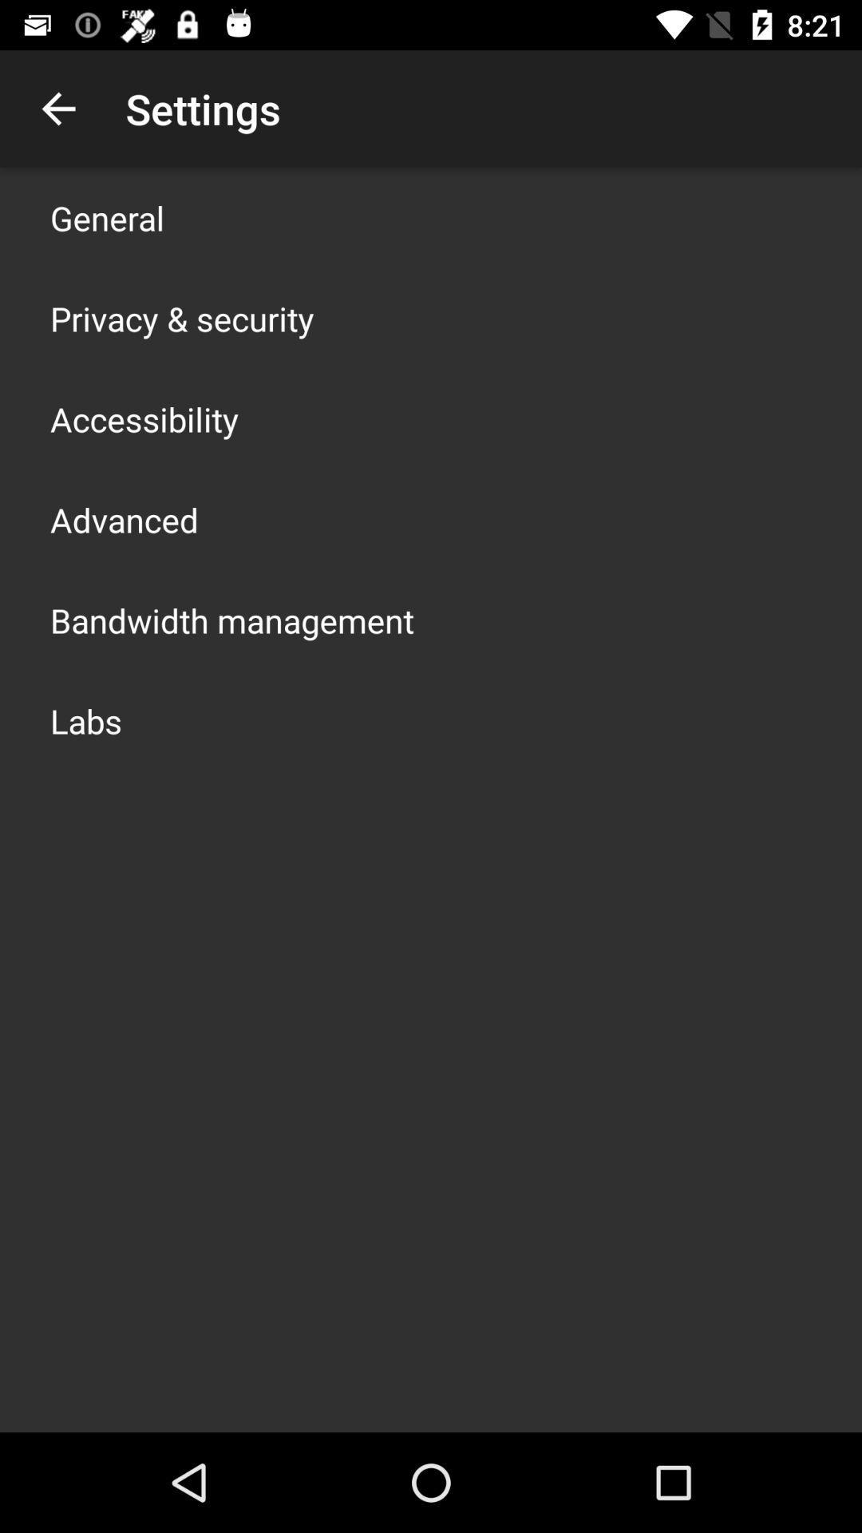  Describe the element at coordinates (231, 620) in the screenshot. I see `app below advanced` at that location.